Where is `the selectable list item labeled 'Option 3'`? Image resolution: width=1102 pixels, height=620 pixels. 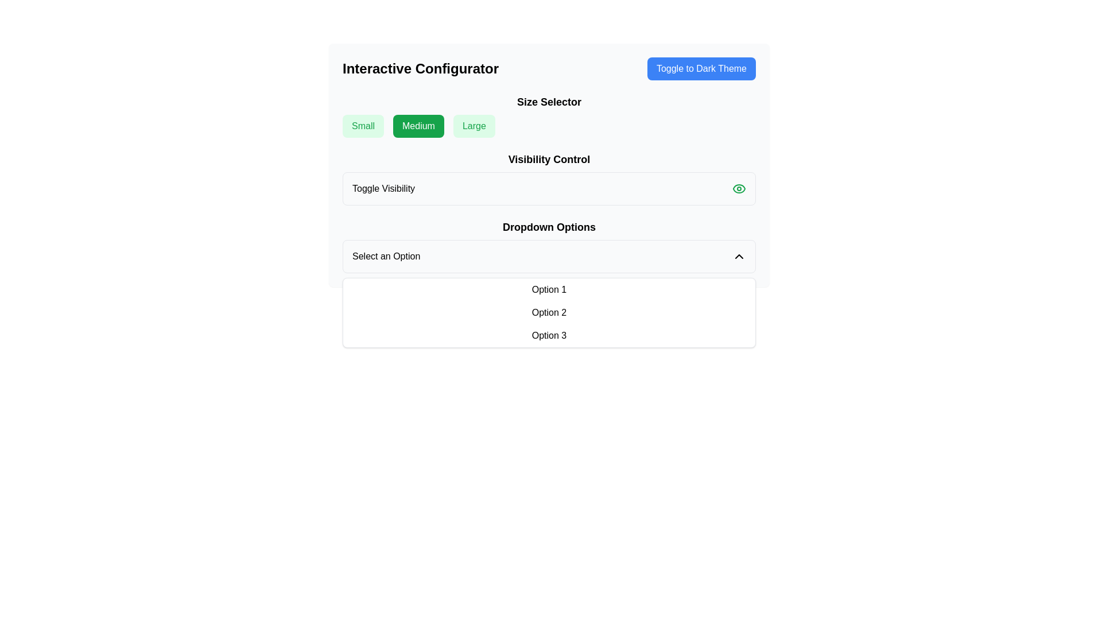
the selectable list item labeled 'Option 3' is located at coordinates (548, 336).